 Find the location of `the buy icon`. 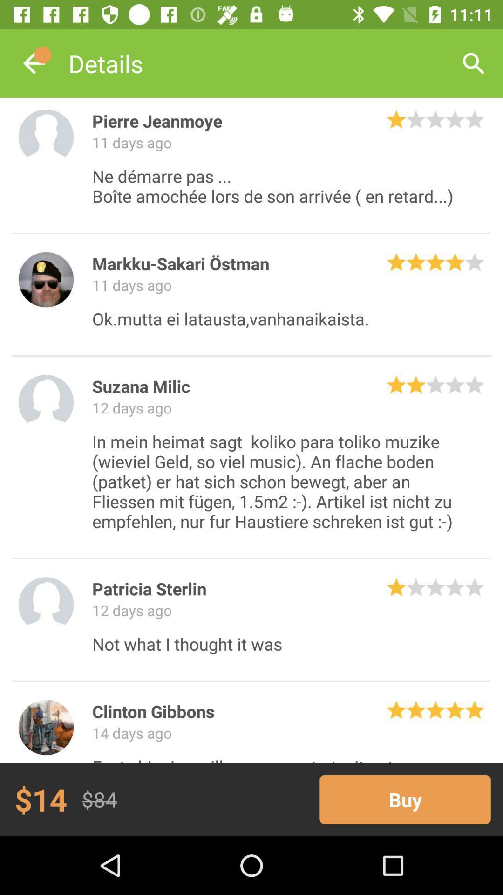

the buy icon is located at coordinates (405, 799).